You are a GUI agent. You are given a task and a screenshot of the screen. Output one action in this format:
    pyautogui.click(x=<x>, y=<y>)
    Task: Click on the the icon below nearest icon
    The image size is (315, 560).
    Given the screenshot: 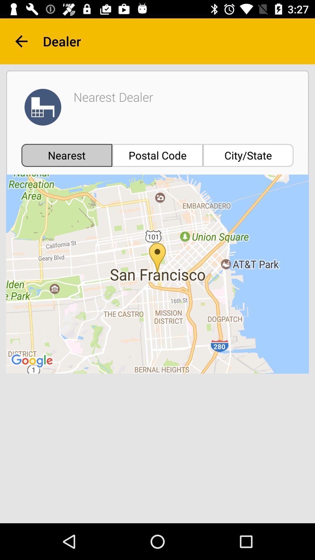 What is the action you would take?
    pyautogui.click(x=157, y=274)
    